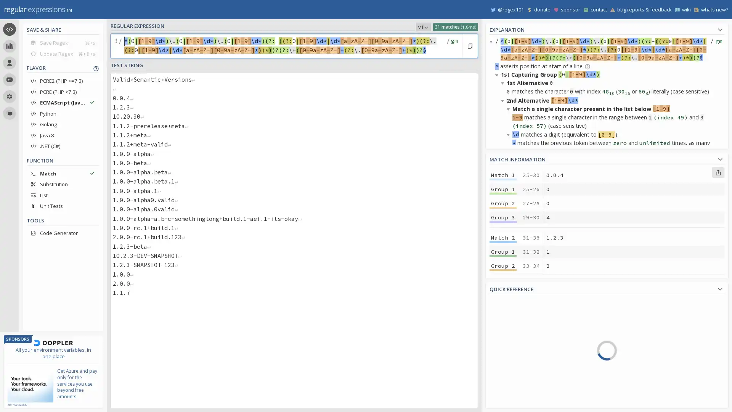 The image size is (732, 412). What do you see at coordinates (525, 403) in the screenshot?
I see `Flags/Modifiers` at bounding box center [525, 403].